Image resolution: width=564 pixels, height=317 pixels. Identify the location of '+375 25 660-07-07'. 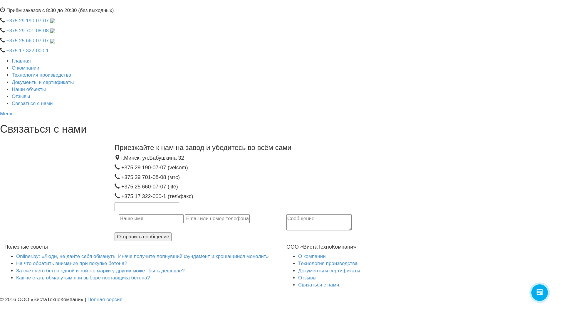
(30, 40).